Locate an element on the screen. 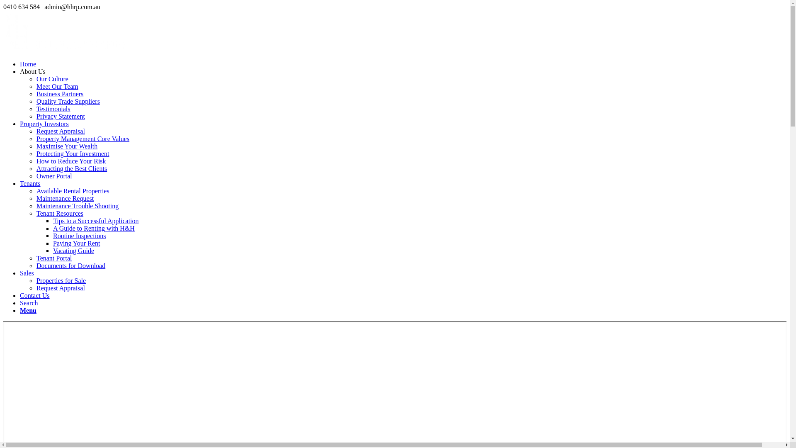  'Tips to a Successful Application' is located at coordinates (96, 220).